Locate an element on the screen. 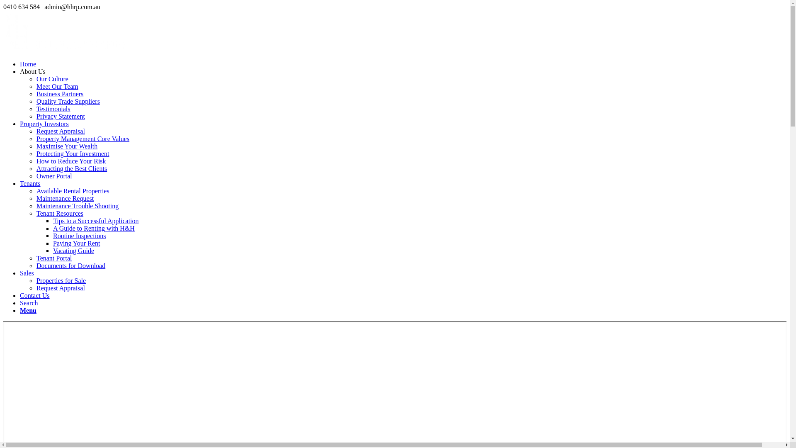  'Tips to a Successful Application' is located at coordinates (96, 220).